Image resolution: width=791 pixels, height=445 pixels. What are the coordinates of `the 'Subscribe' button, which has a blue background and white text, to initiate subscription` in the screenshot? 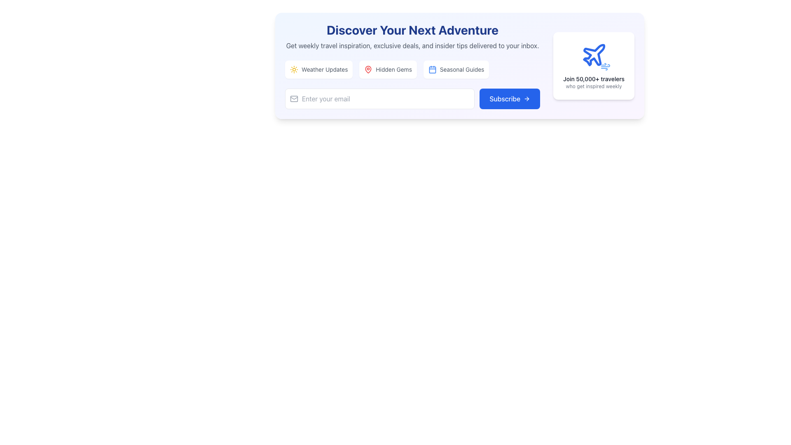 It's located at (509, 98).